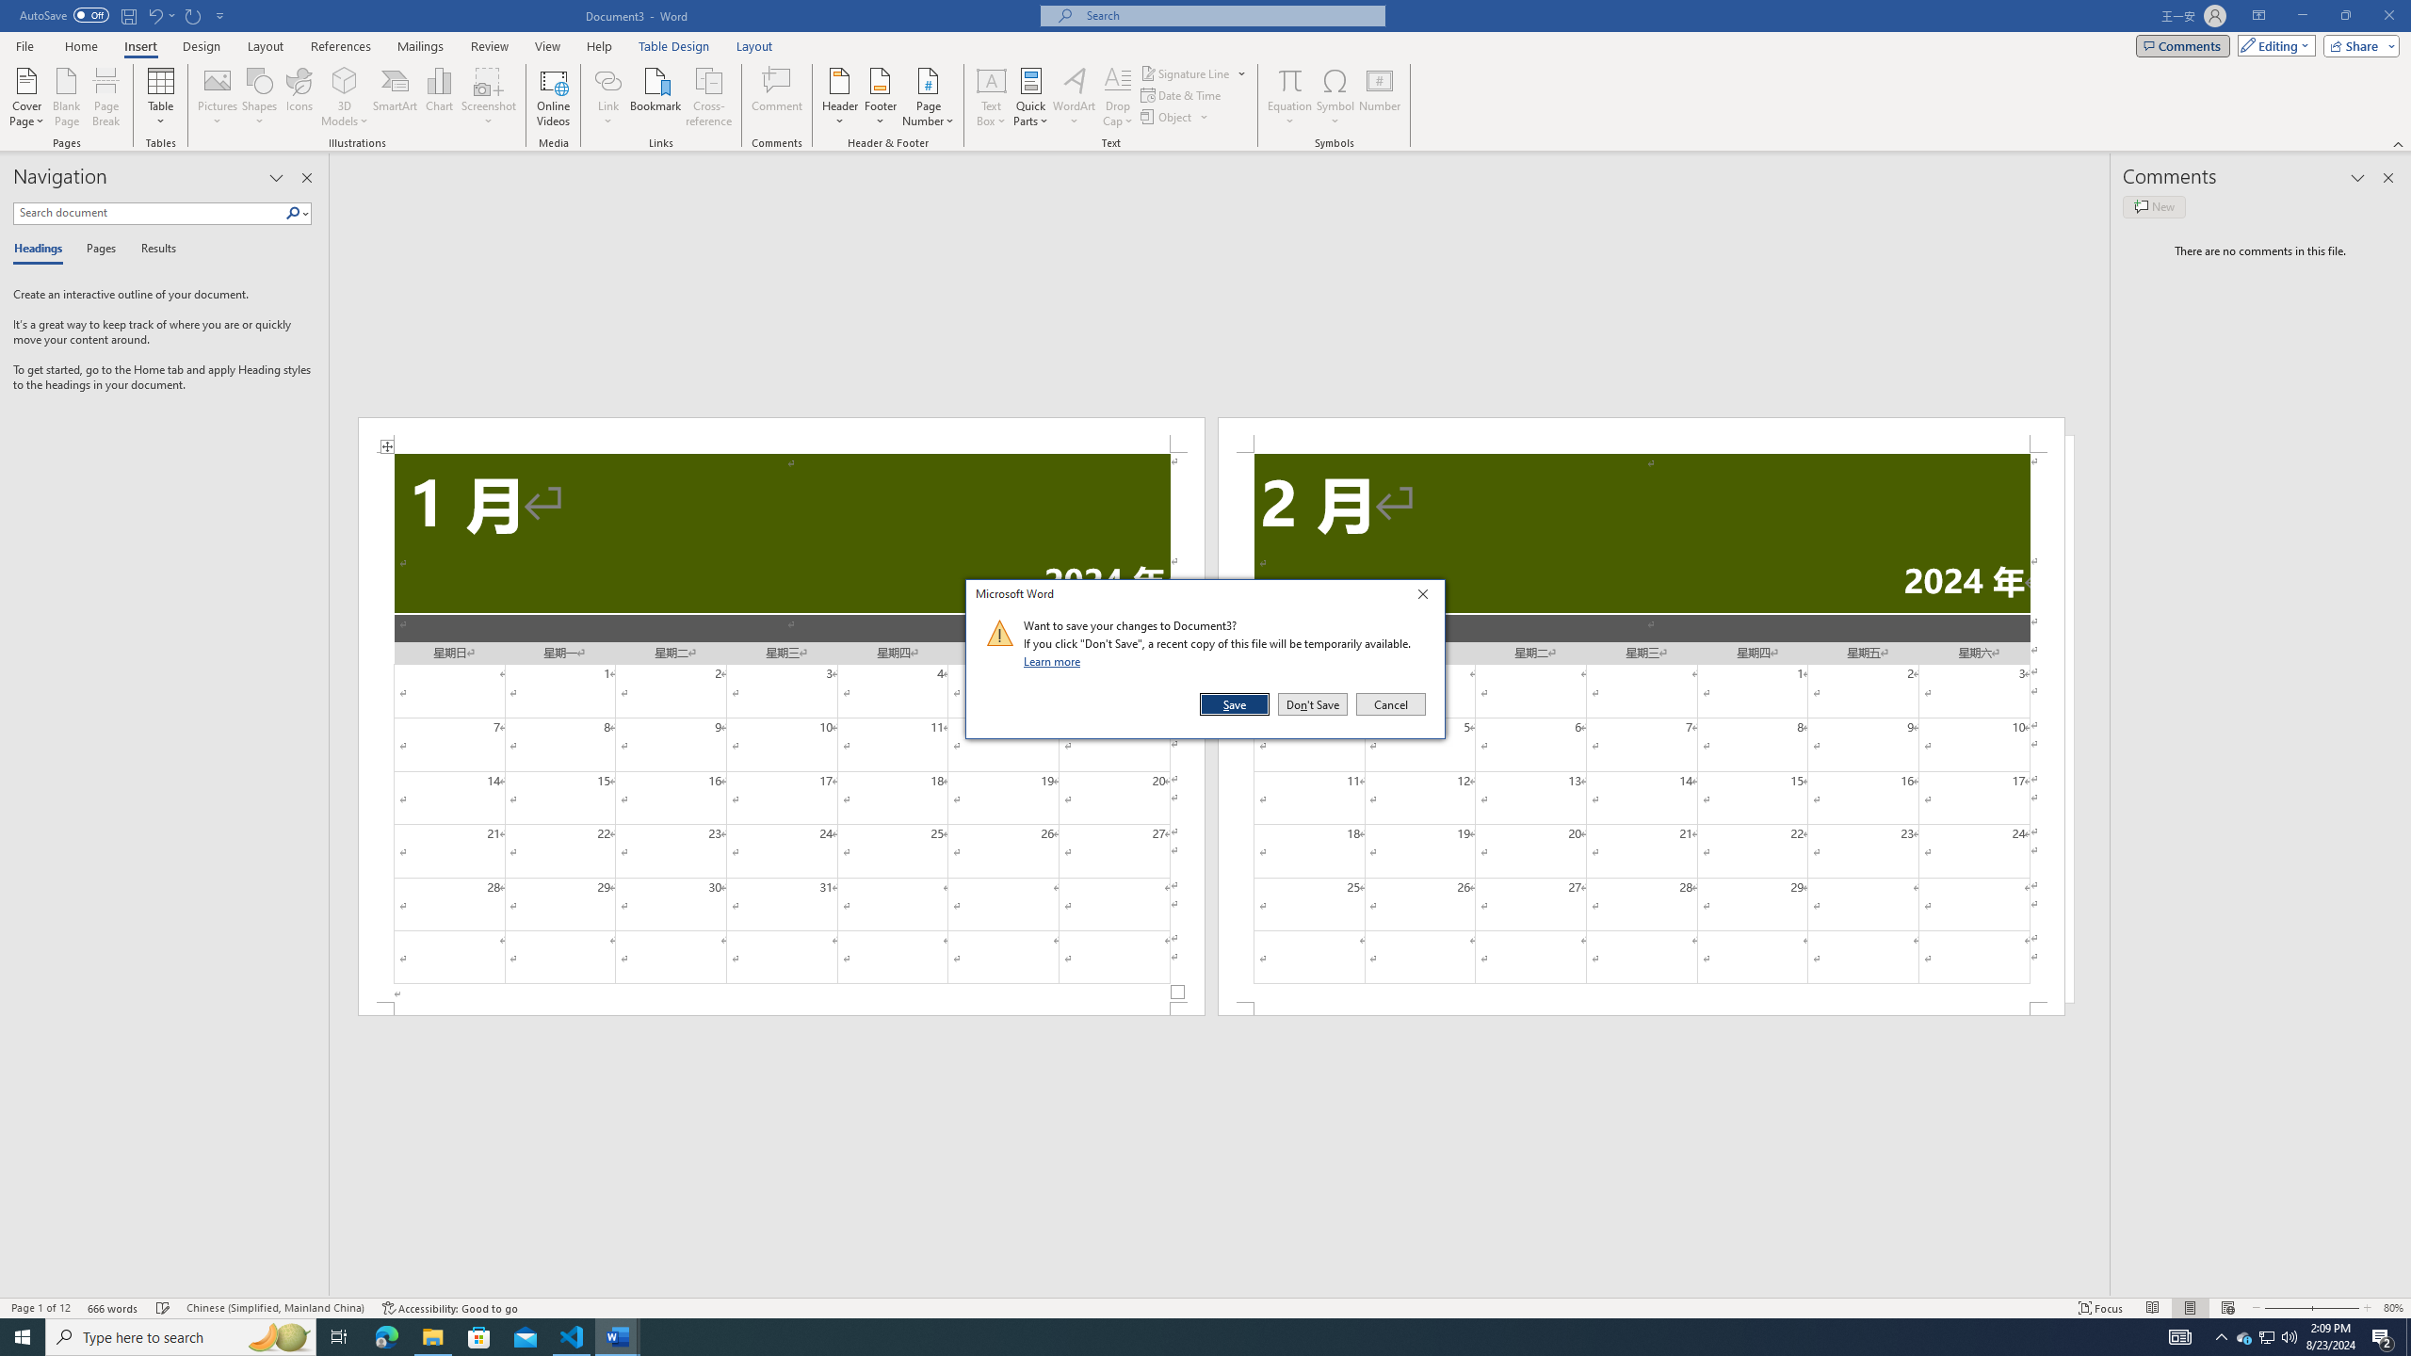  What do you see at coordinates (840, 97) in the screenshot?
I see `'Header'` at bounding box center [840, 97].